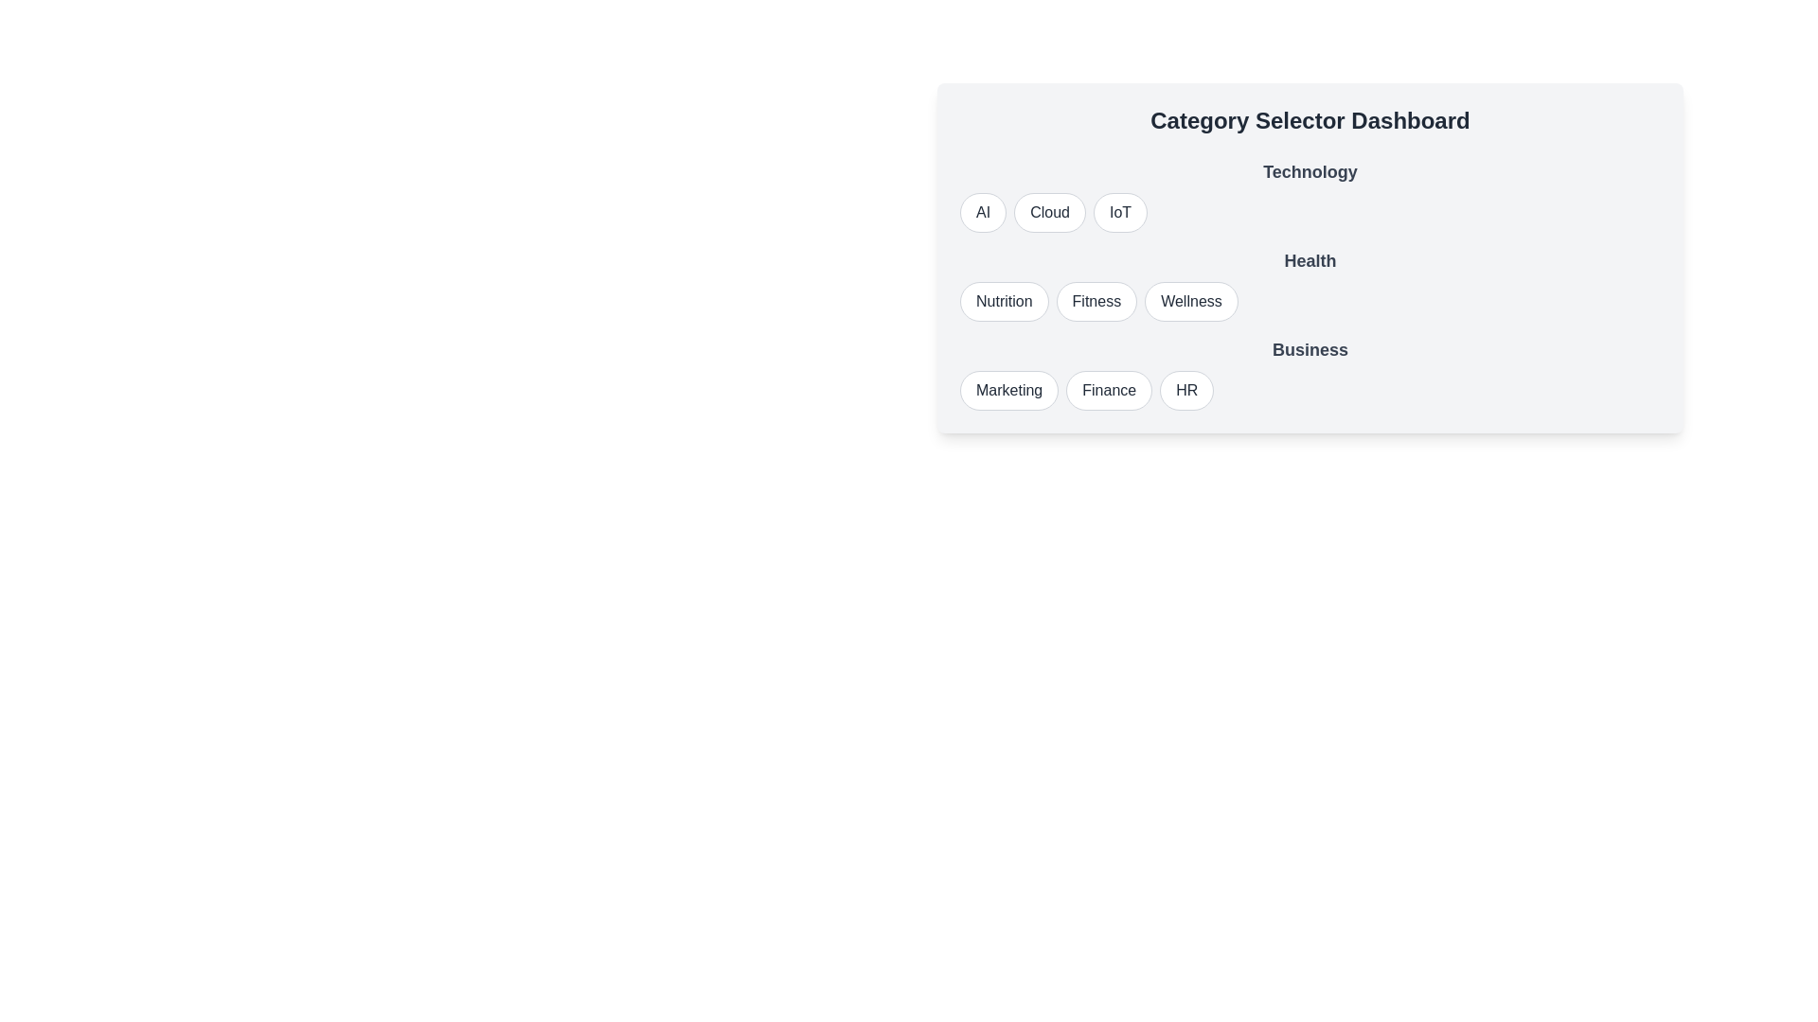  What do you see at coordinates (1048, 212) in the screenshot?
I see `the button labeled Cloud to observe its visual change` at bounding box center [1048, 212].